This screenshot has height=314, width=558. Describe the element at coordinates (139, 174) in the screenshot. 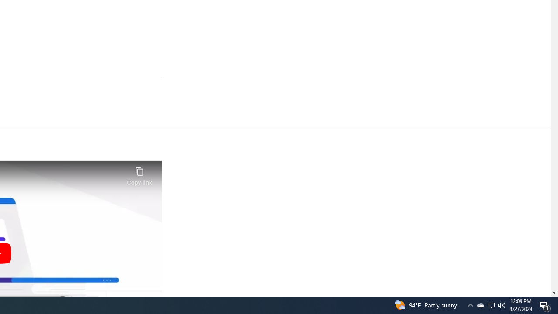

I see `'Copy link'` at that location.